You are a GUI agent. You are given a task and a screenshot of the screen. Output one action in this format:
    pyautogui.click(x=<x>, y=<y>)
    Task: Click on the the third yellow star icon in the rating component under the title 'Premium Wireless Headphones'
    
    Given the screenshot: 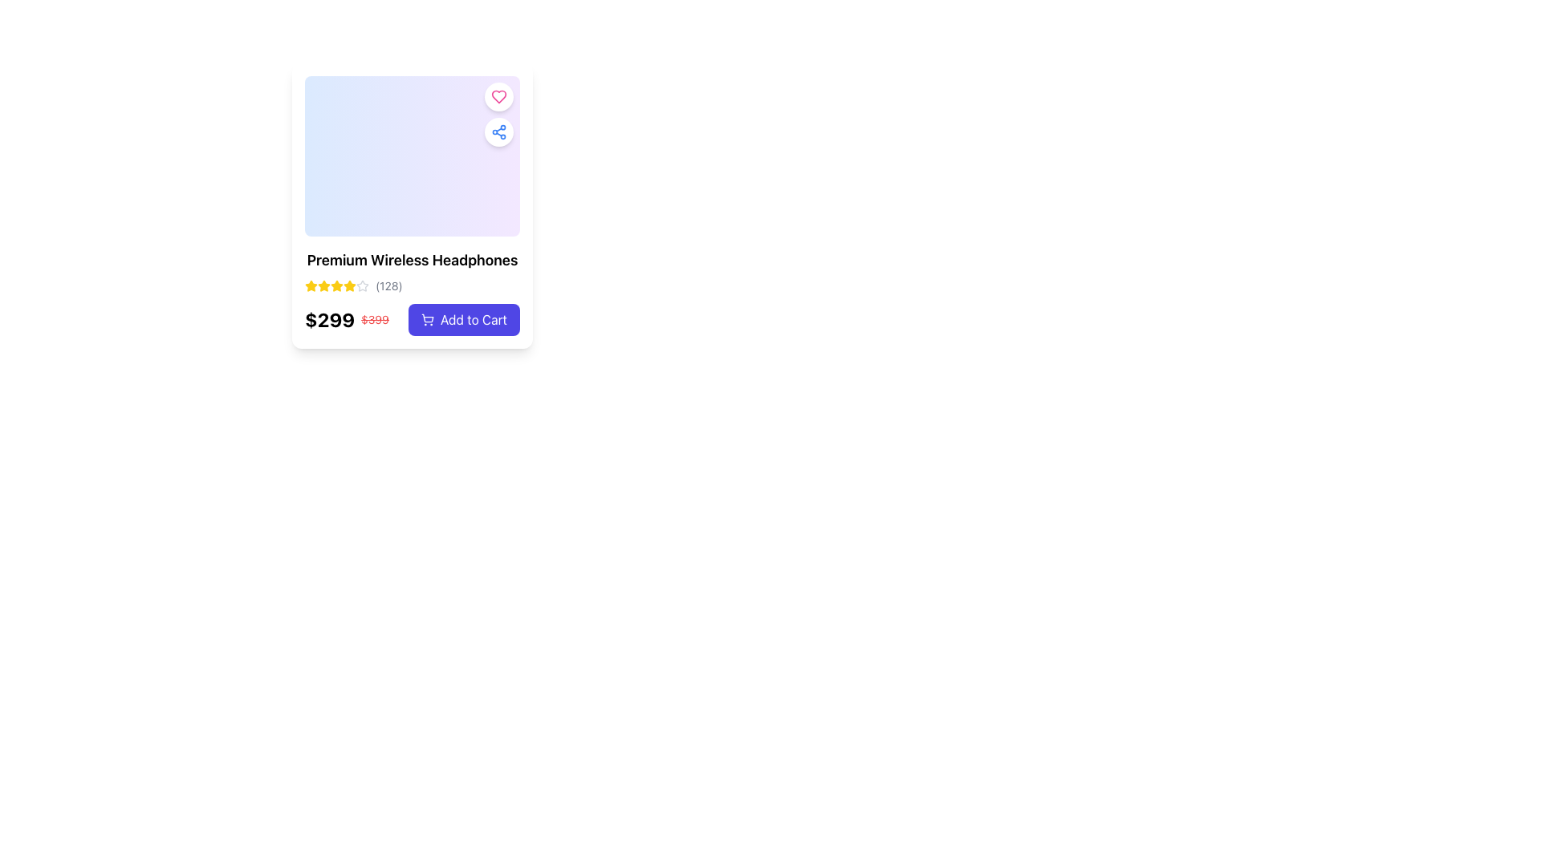 What is the action you would take?
    pyautogui.click(x=349, y=285)
    